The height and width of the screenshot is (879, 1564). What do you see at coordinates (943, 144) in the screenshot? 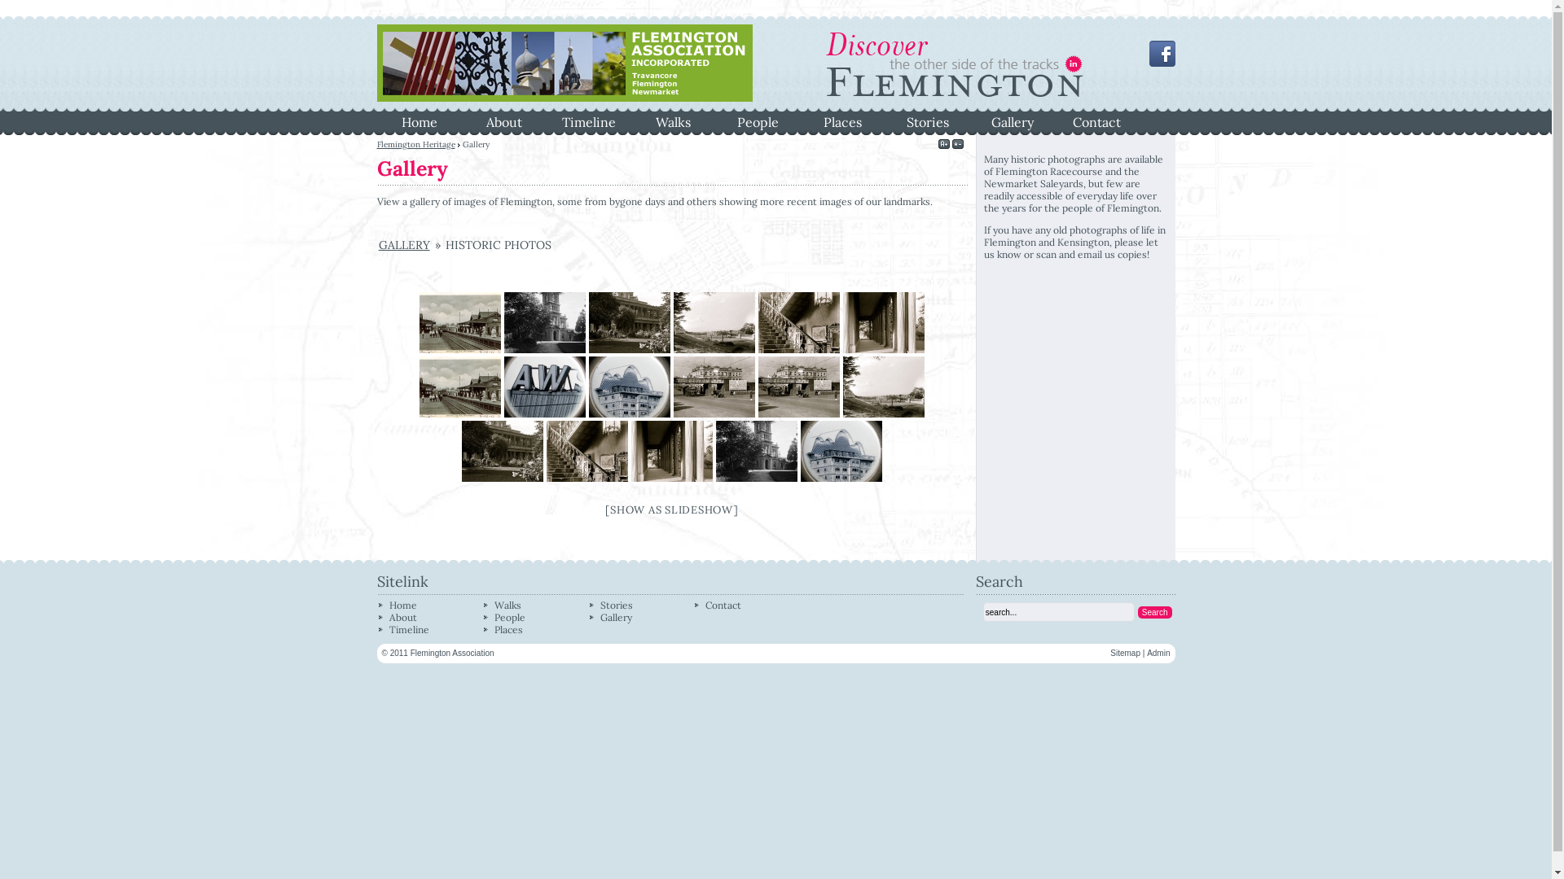
I see `'Increase font size'` at bounding box center [943, 144].